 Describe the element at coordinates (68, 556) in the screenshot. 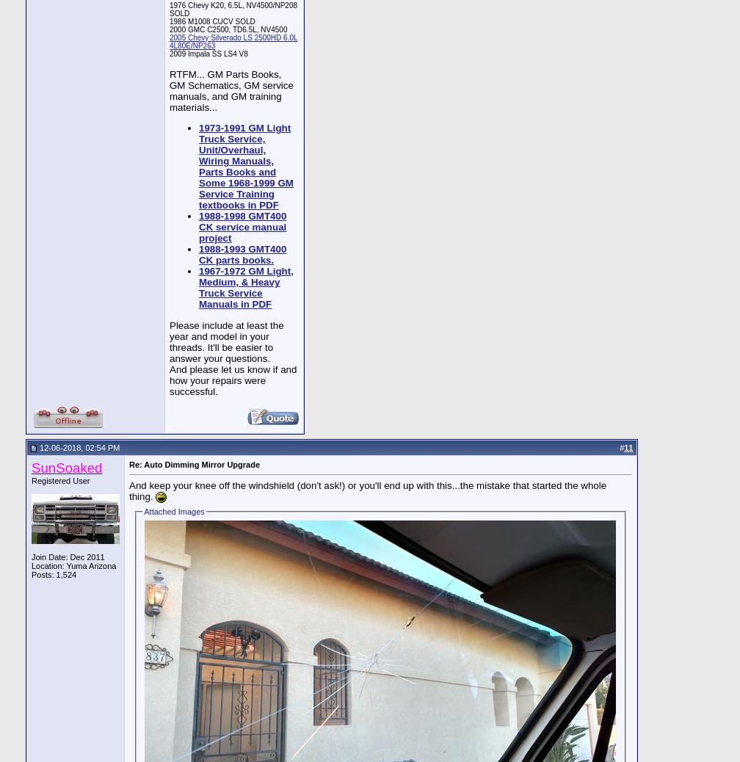

I see `'Join Date: Dec 2011'` at that location.